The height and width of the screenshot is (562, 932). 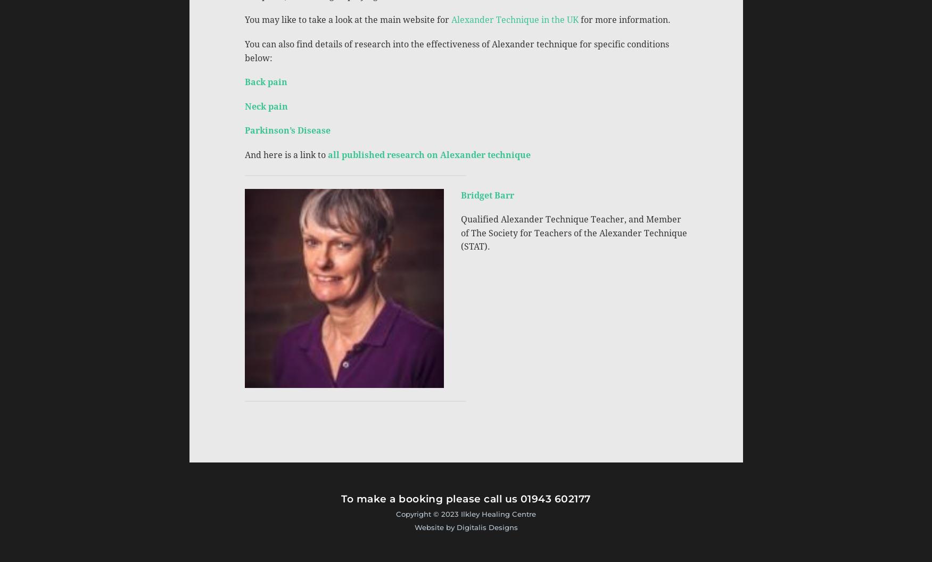 What do you see at coordinates (347, 20) in the screenshot?
I see `'You may like to take a look at the main website for'` at bounding box center [347, 20].